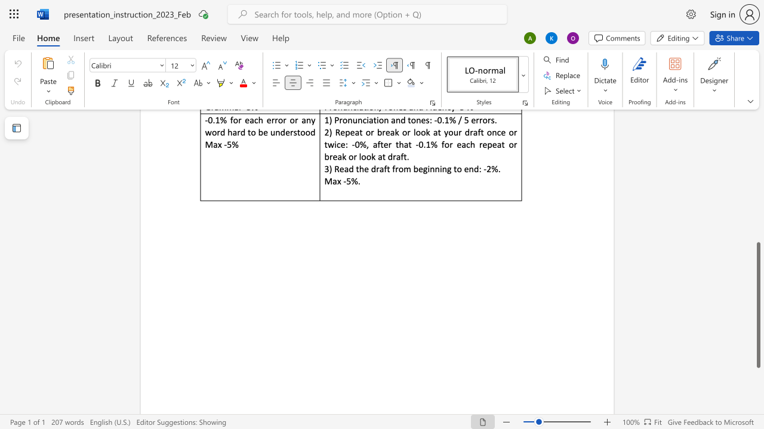  I want to click on the scrollbar on the right to shift the page higher, so click(757, 148).